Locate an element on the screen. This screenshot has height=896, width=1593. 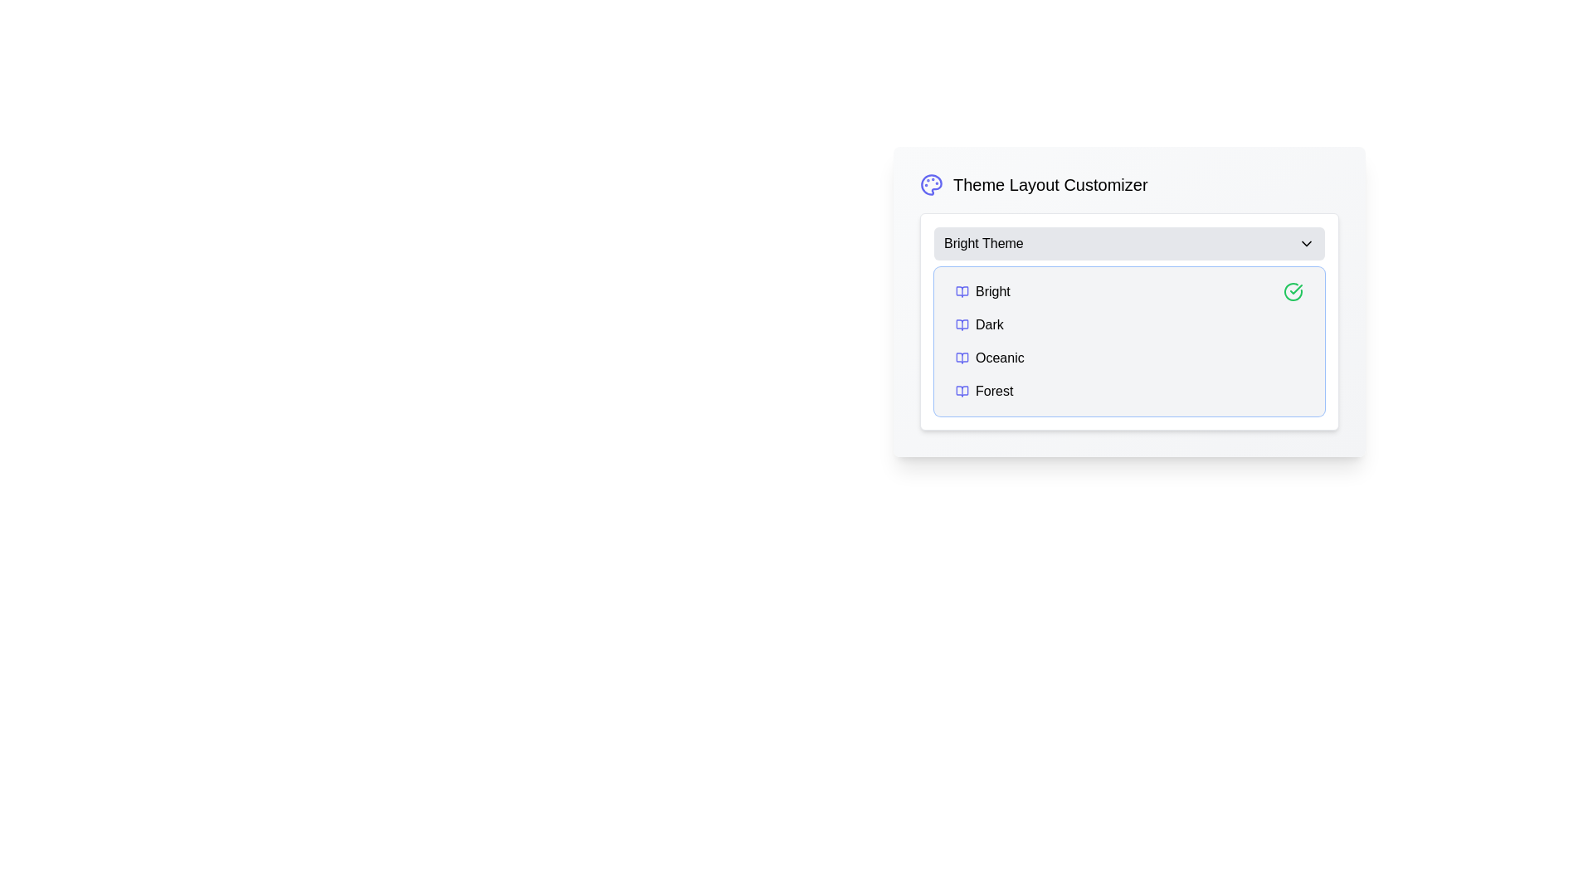
the open book icon styled in blue, located to the left of the 'Dark' label is located at coordinates (962, 325).